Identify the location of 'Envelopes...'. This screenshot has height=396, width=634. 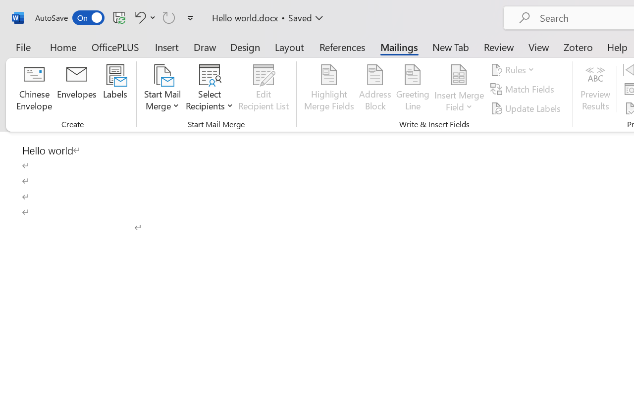
(76, 89).